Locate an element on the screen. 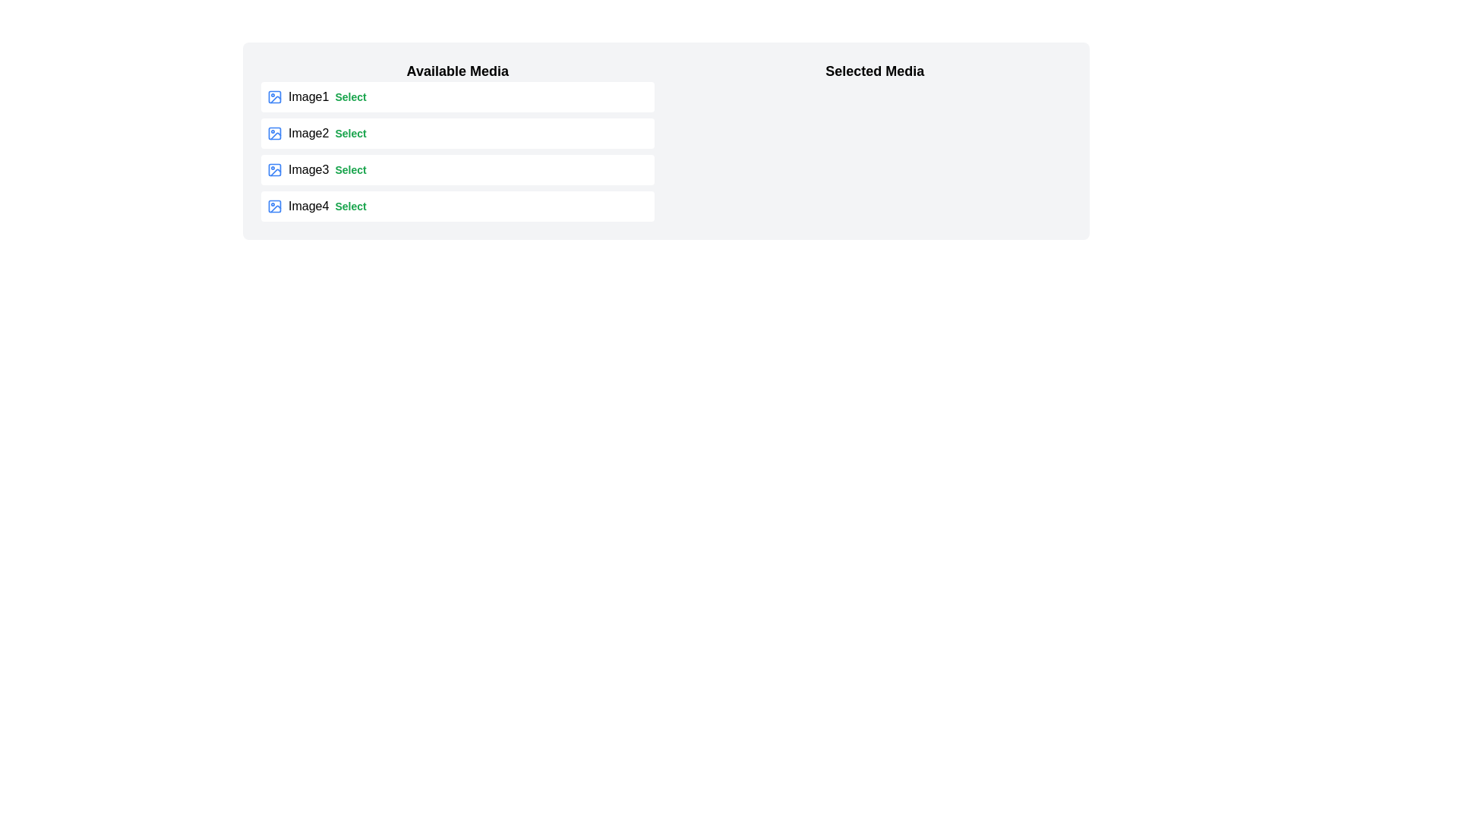 Image resolution: width=1458 pixels, height=820 pixels. the 'Selected Media' Text Label located in the upper-right section of the interface, which serves as a header for related content is located at coordinates (875, 71).